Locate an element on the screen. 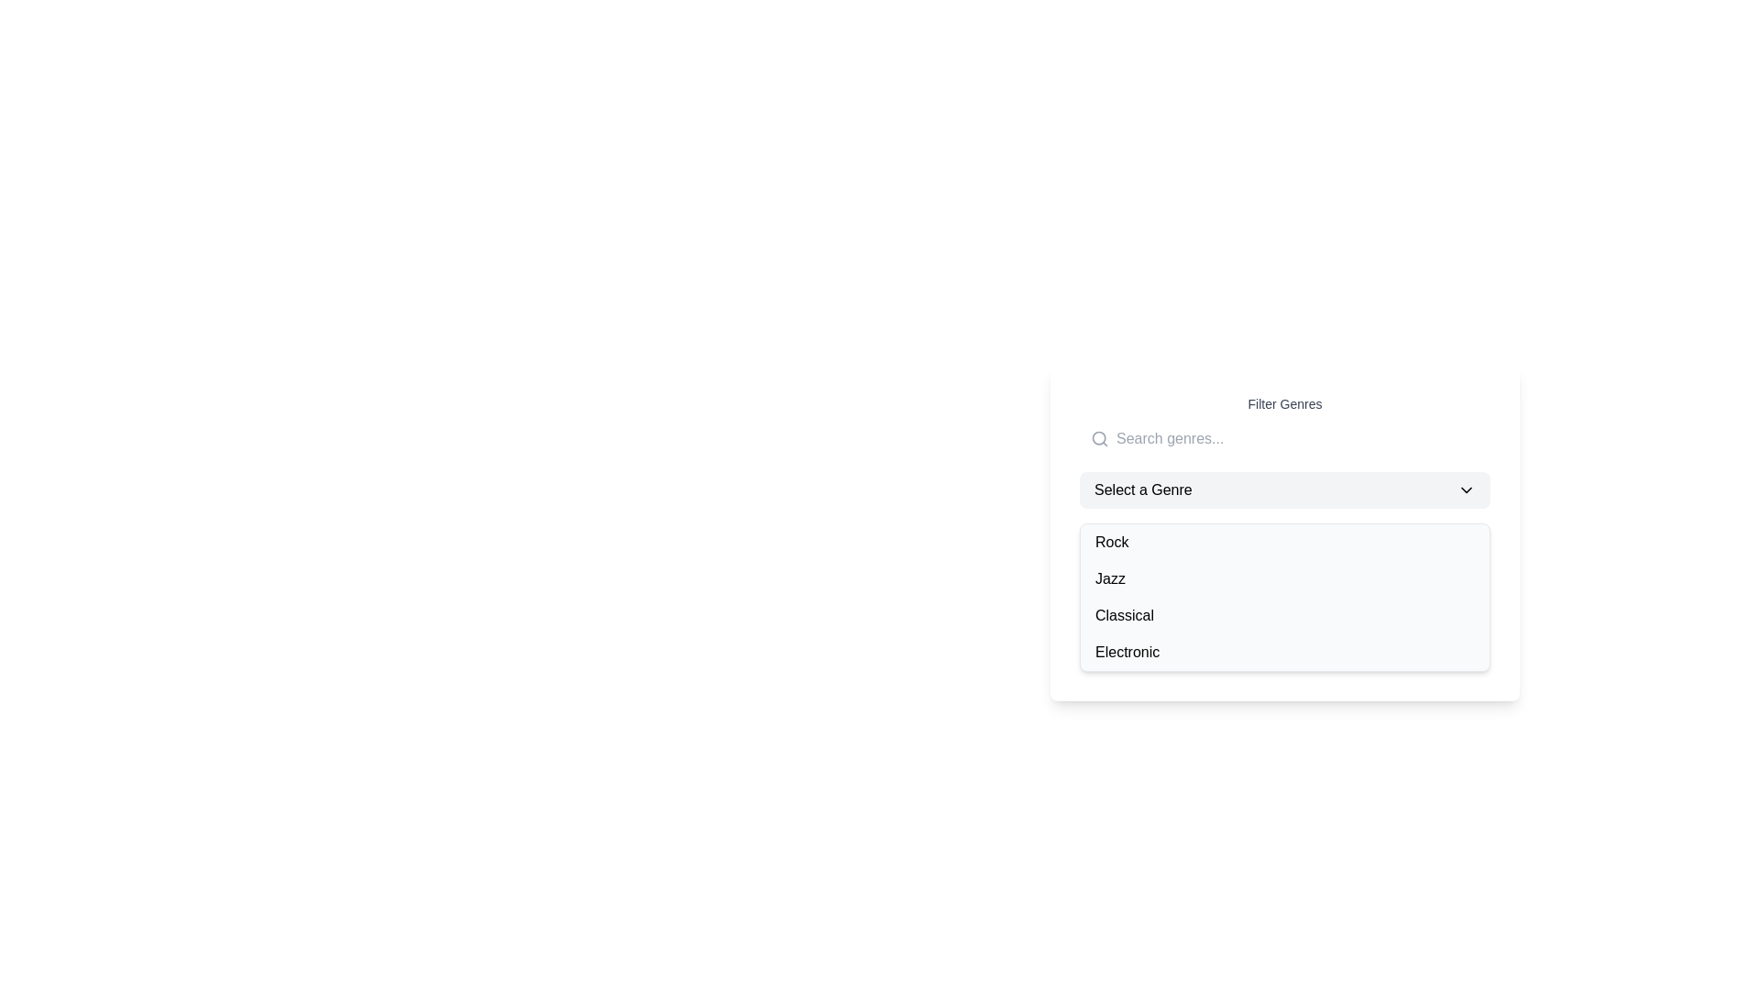 This screenshot has width=1760, height=990. the downward-pointing caret icon at the far-right side of the 'Select a Genre' dropdown is located at coordinates (1465, 489).